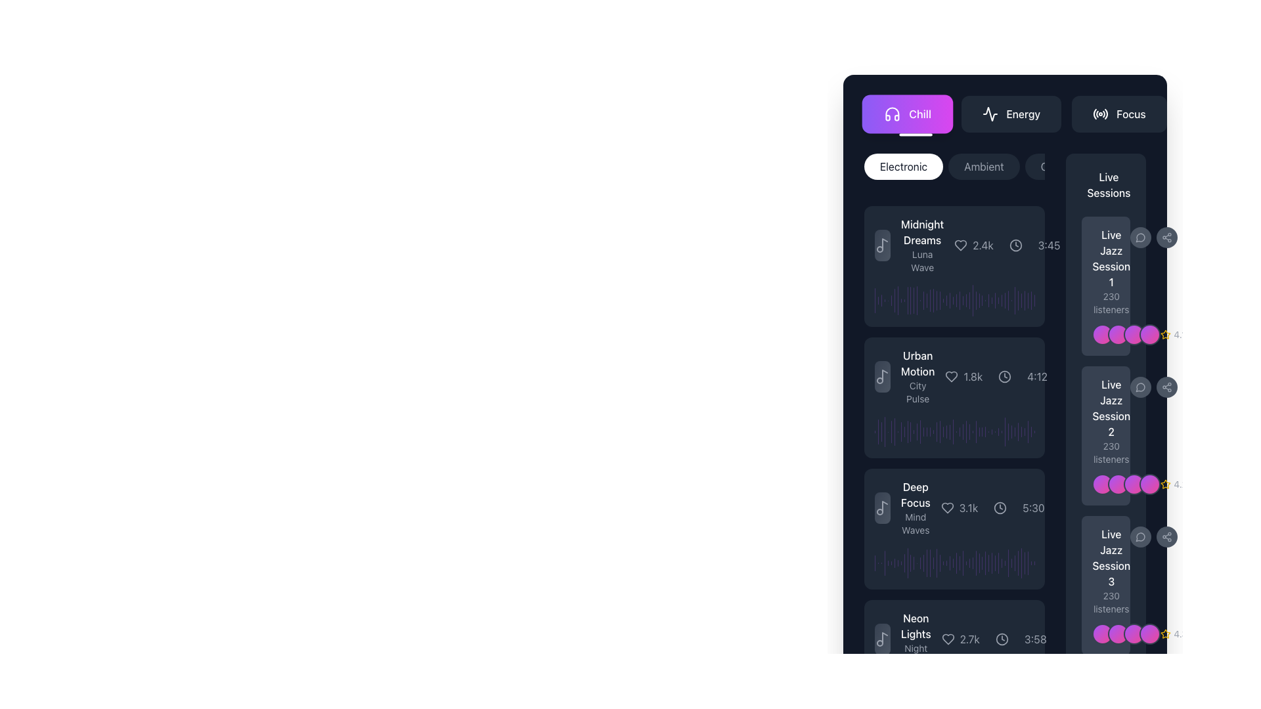 The image size is (1261, 709). Describe the element at coordinates (917, 391) in the screenshot. I see `the text label 'City Pulse' that provides additional information under the main title 'Urban Motion' in the dark-themed interface for accessibility tools` at that location.